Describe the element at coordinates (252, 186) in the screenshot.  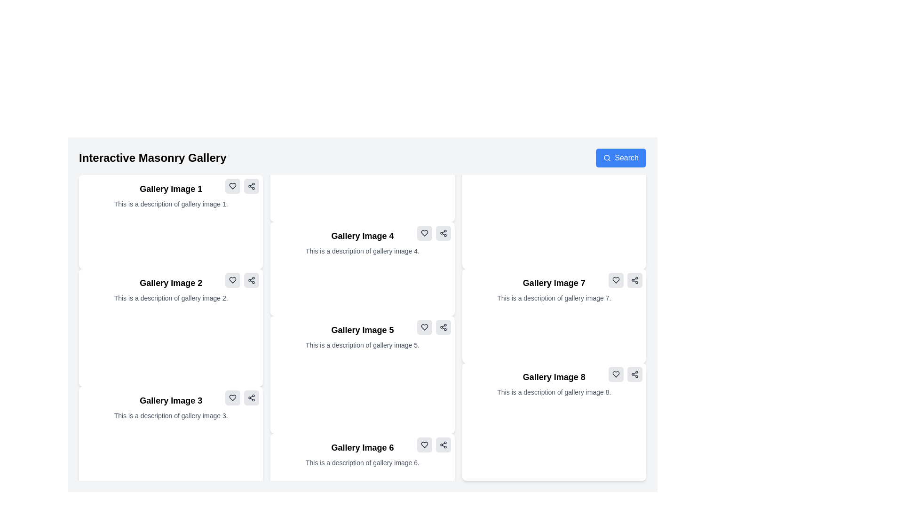
I see `the share button located in the top-right corner of the card titled 'Gallery Image 1' to initiate the share process for the associated gallery item` at that location.